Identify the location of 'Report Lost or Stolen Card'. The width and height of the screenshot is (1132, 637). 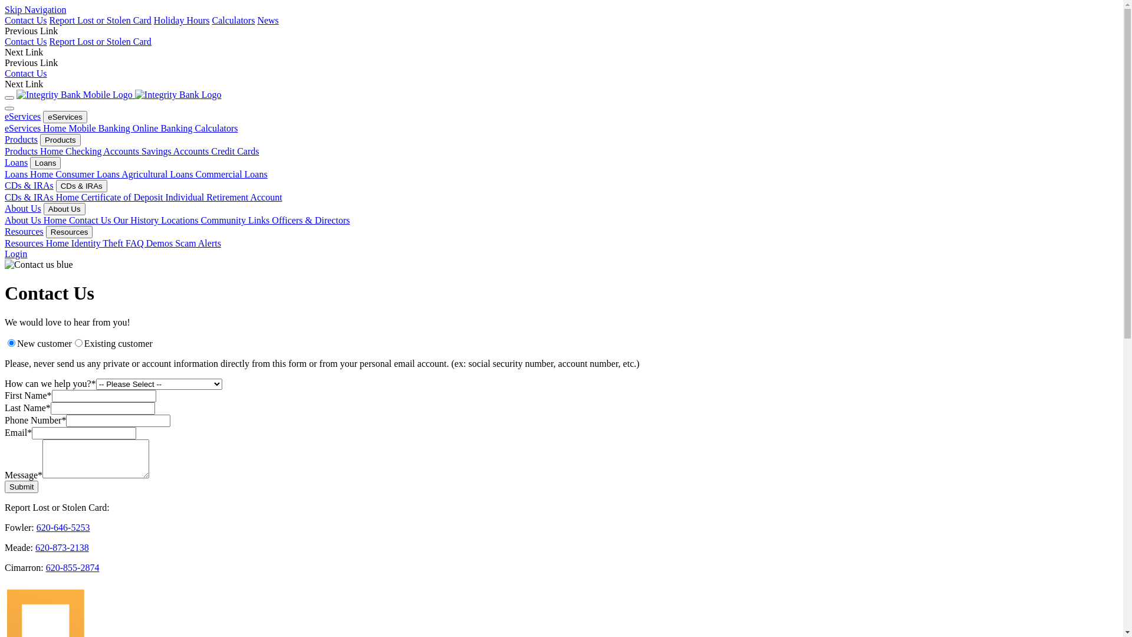
(48, 20).